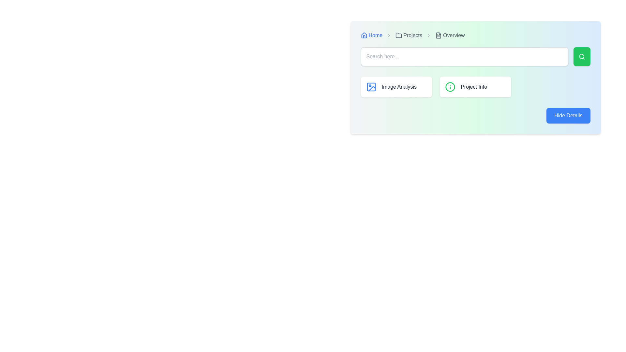 The image size is (626, 352). I want to click on the circular green icon with an 'i' symbol located within the 'Project Info' card on the right side of the interface, so click(450, 86).